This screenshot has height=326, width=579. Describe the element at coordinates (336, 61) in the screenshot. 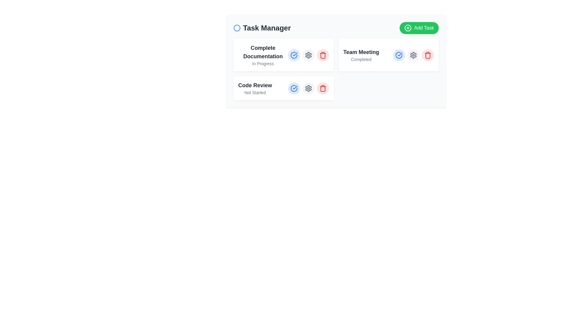

I see `the task card component in the task management interface` at that location.